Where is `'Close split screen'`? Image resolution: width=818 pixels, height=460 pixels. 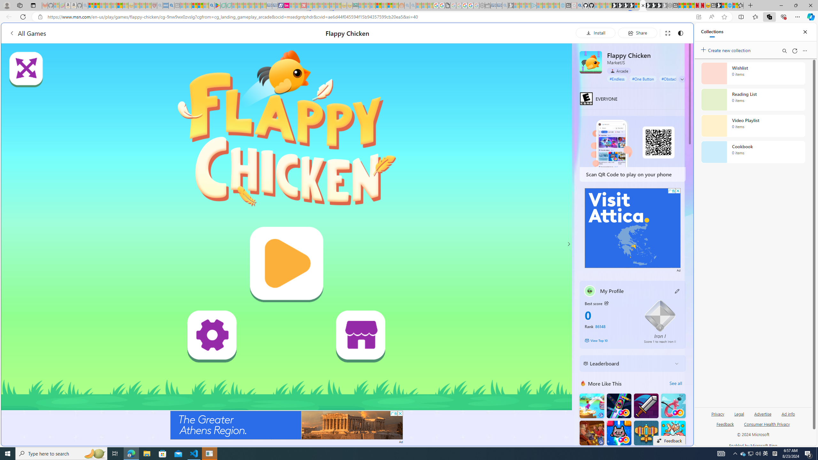
'Close split screen' is located at coordinates (678, 32).